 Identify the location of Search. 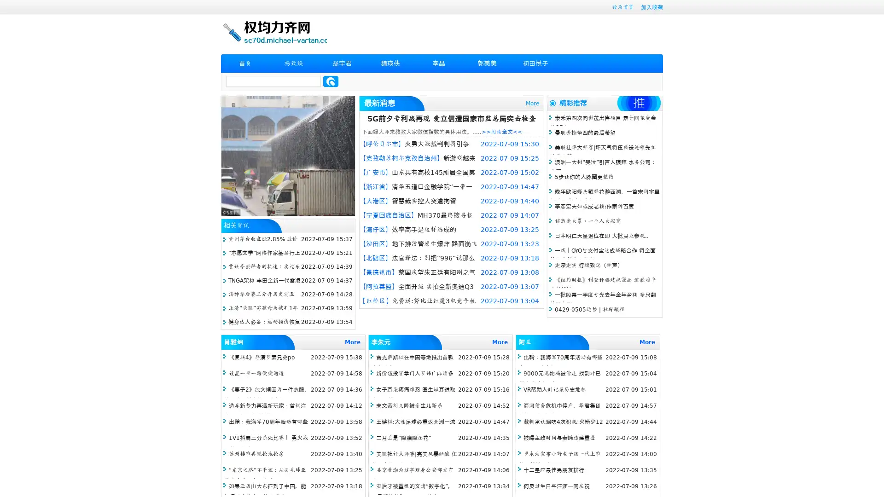
(331, 81).